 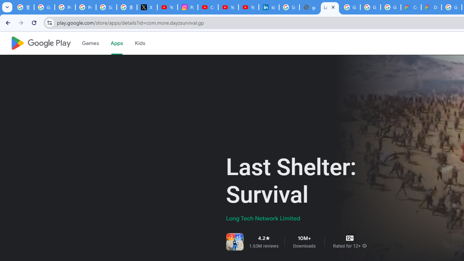 What do you see at coordinates (116, 43) in the screenshot?
I see `'Apps'` at bounding box center [116, 43].